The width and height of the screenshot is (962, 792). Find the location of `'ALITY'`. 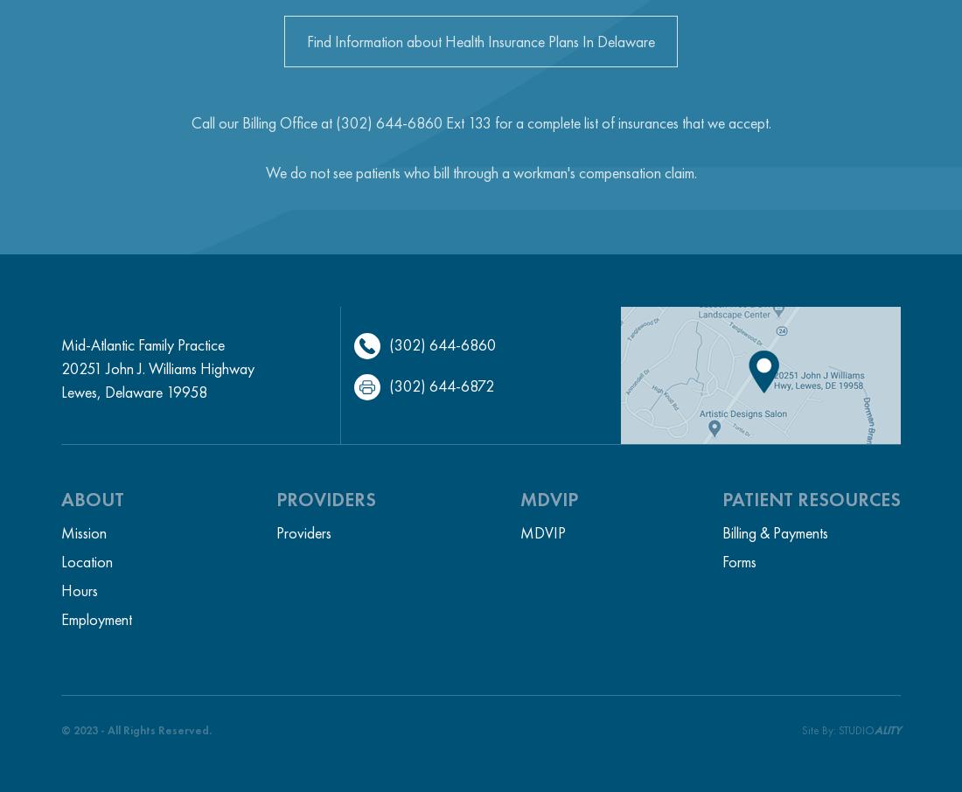

'ALITY' is located at coordinates (886, 729).